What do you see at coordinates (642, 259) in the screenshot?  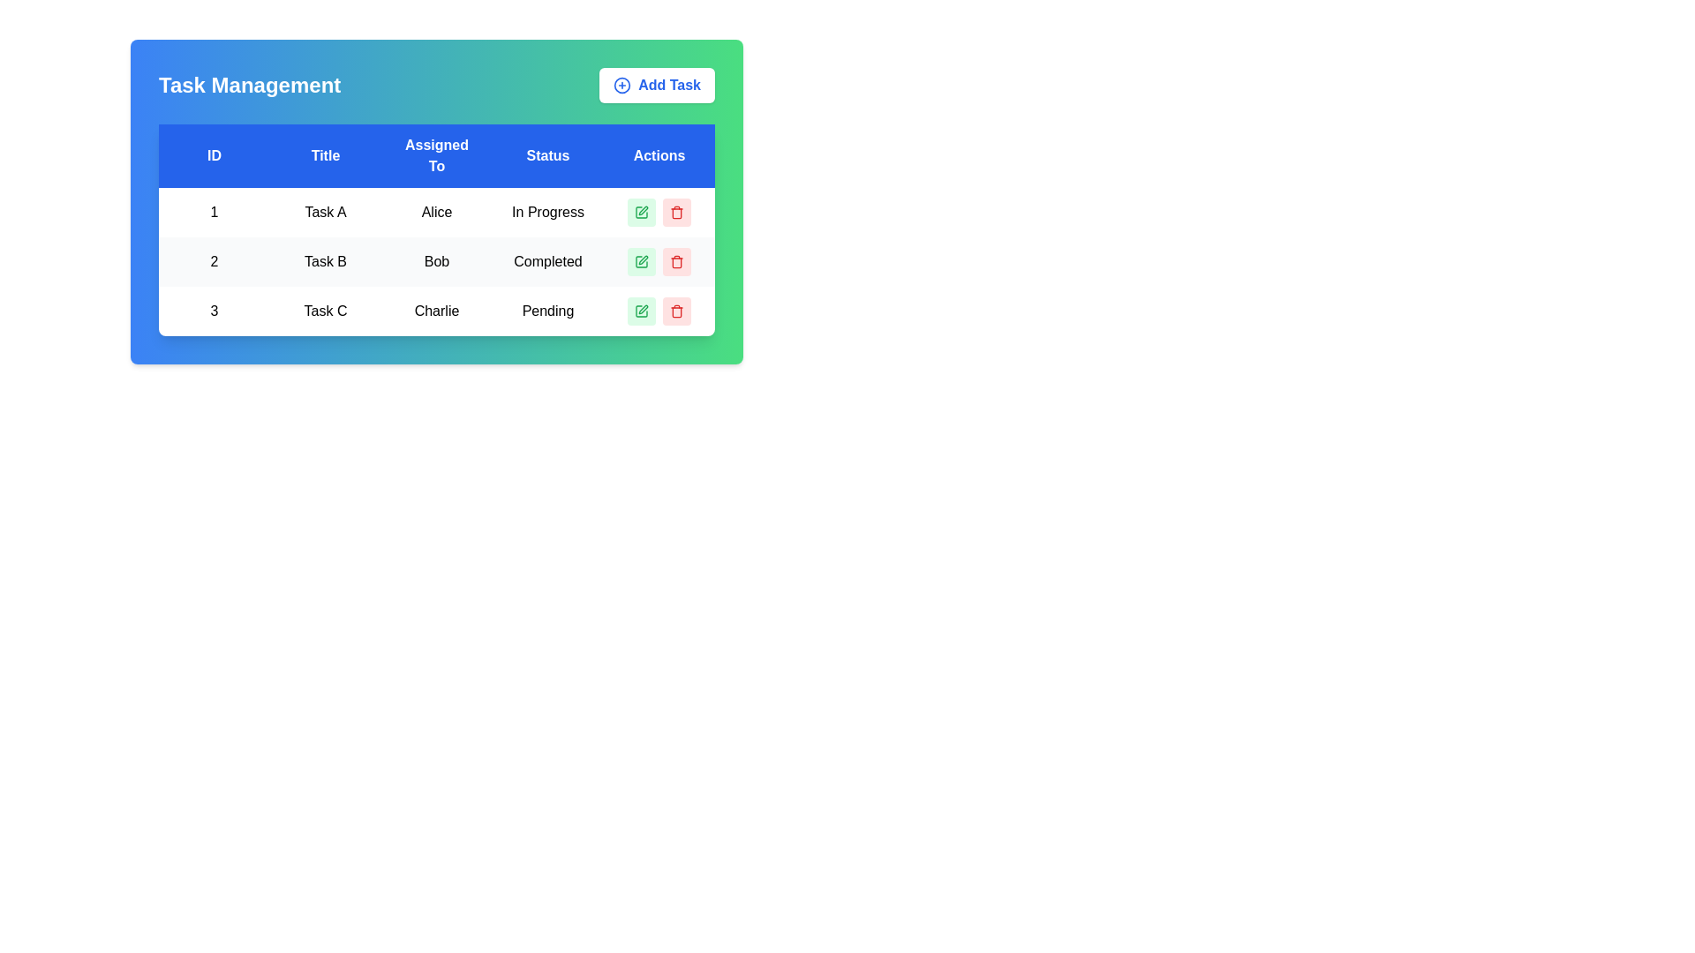 I see `the green pen icon in the second row of the table under the 'Actions' column to initiate an edit action` at bounding box center [642, 259].